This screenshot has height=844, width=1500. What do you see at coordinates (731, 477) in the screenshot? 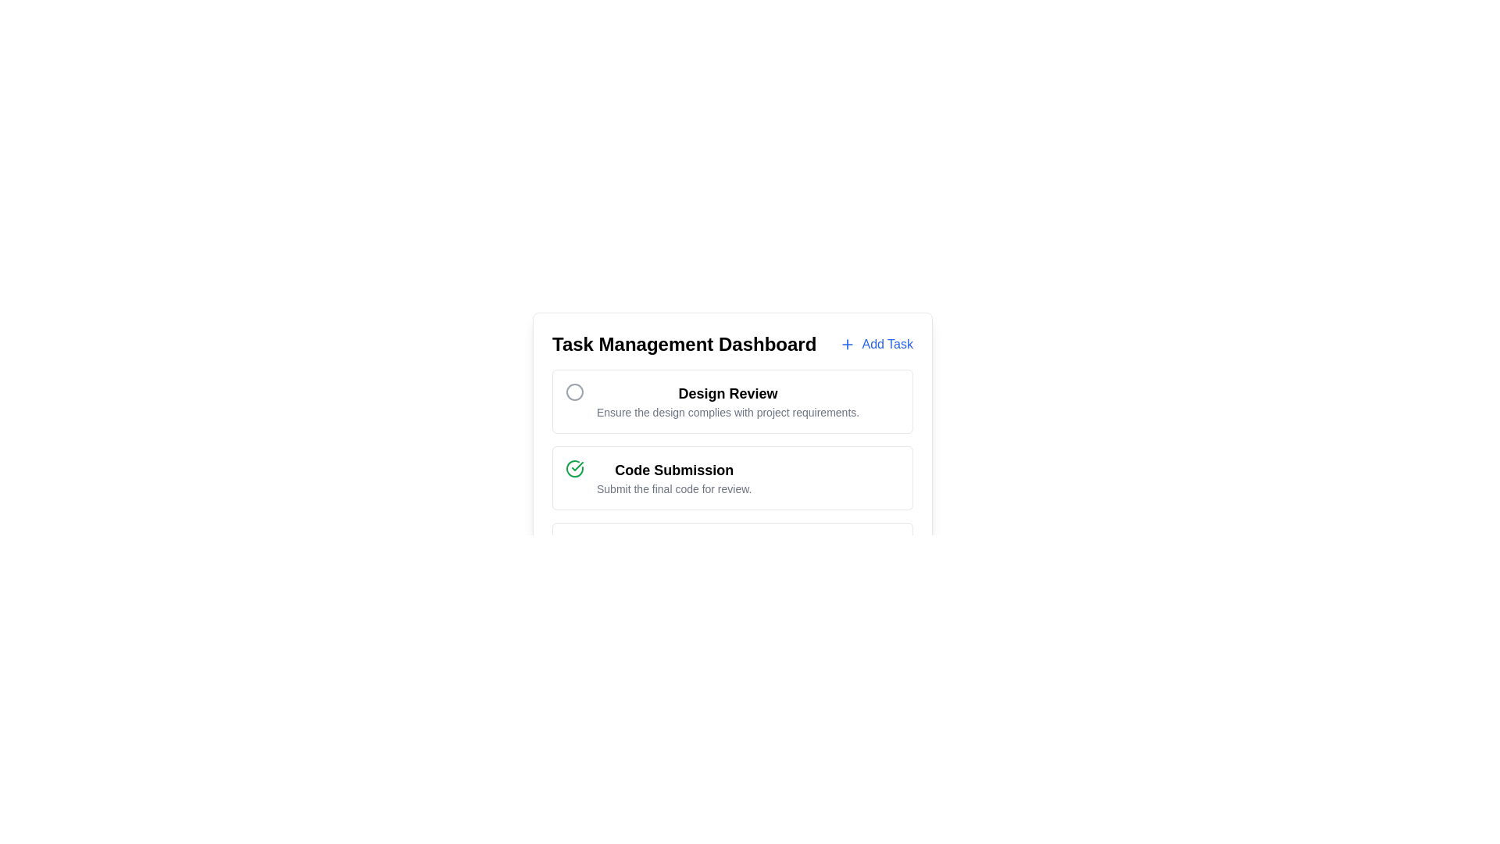
I see `the second task entry component in the task management application, located below 'Design Review' and above 'Client Meeting'` at bounding box center [731, 477].